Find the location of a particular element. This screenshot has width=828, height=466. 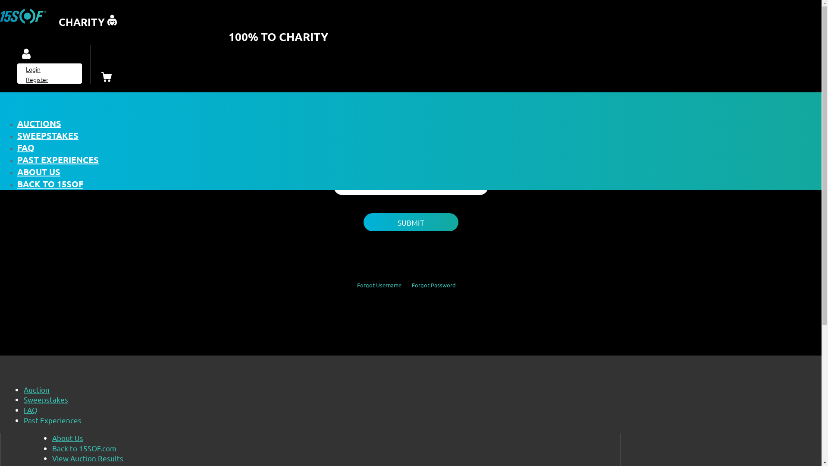

'Register here' is located at coordinates (450, 104).